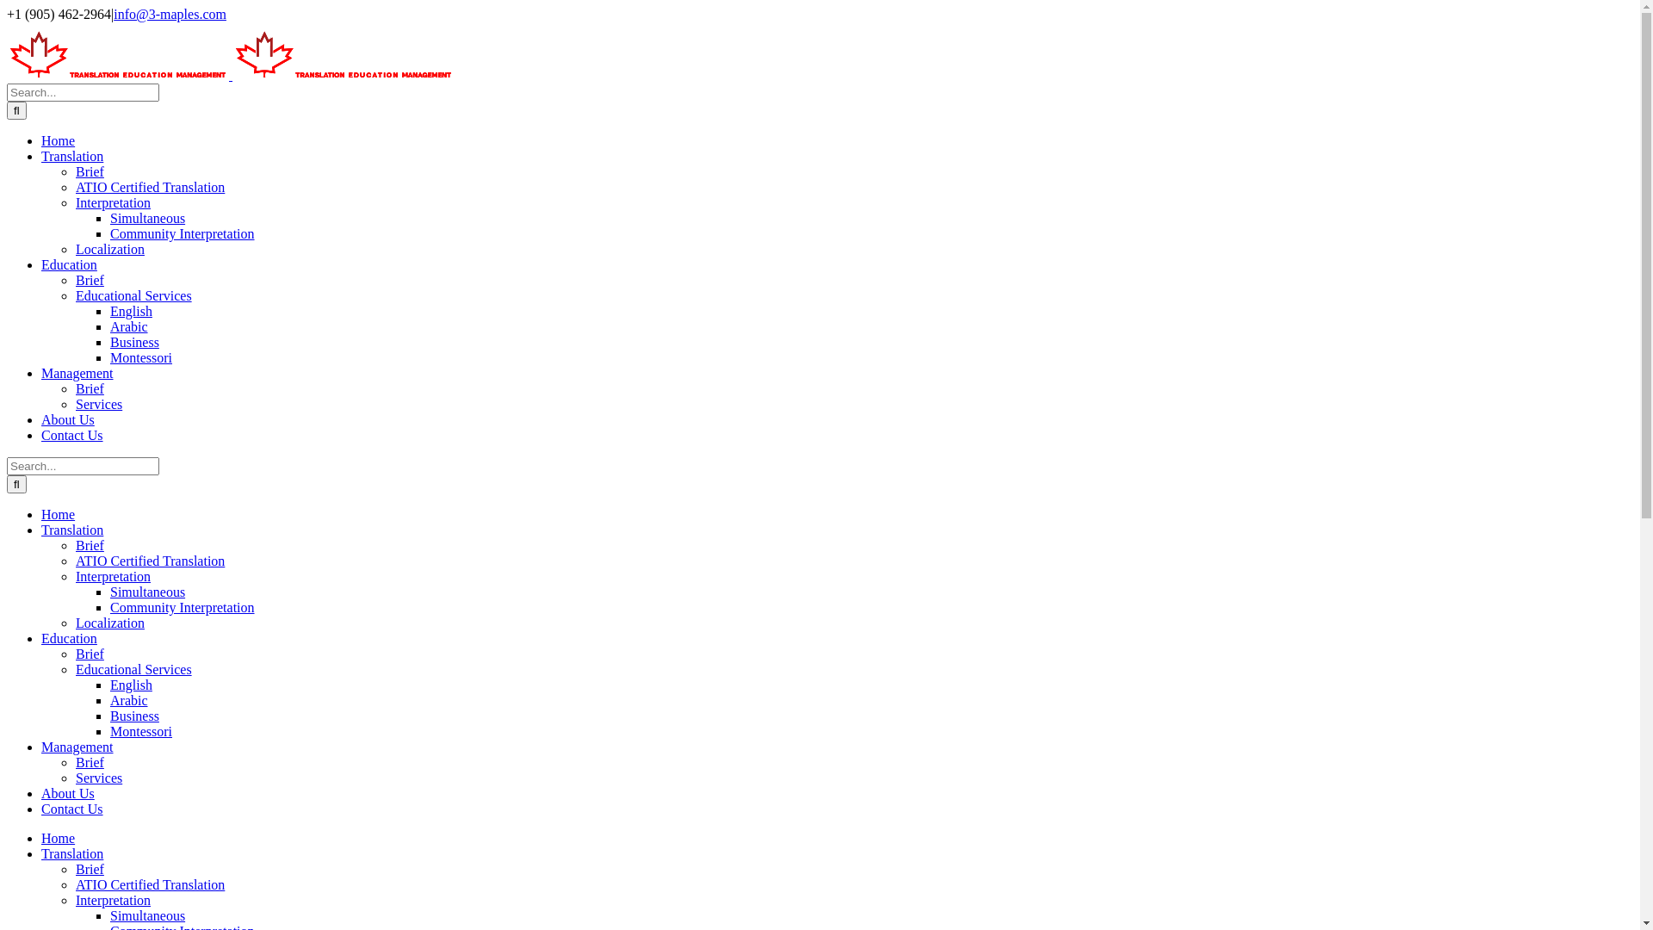 The height and width of the screenshot is (930, 1653). What do you see at coordinates (89, 545) in the screenshot?
I see `'Brief'` at bounding box center [89, 545].